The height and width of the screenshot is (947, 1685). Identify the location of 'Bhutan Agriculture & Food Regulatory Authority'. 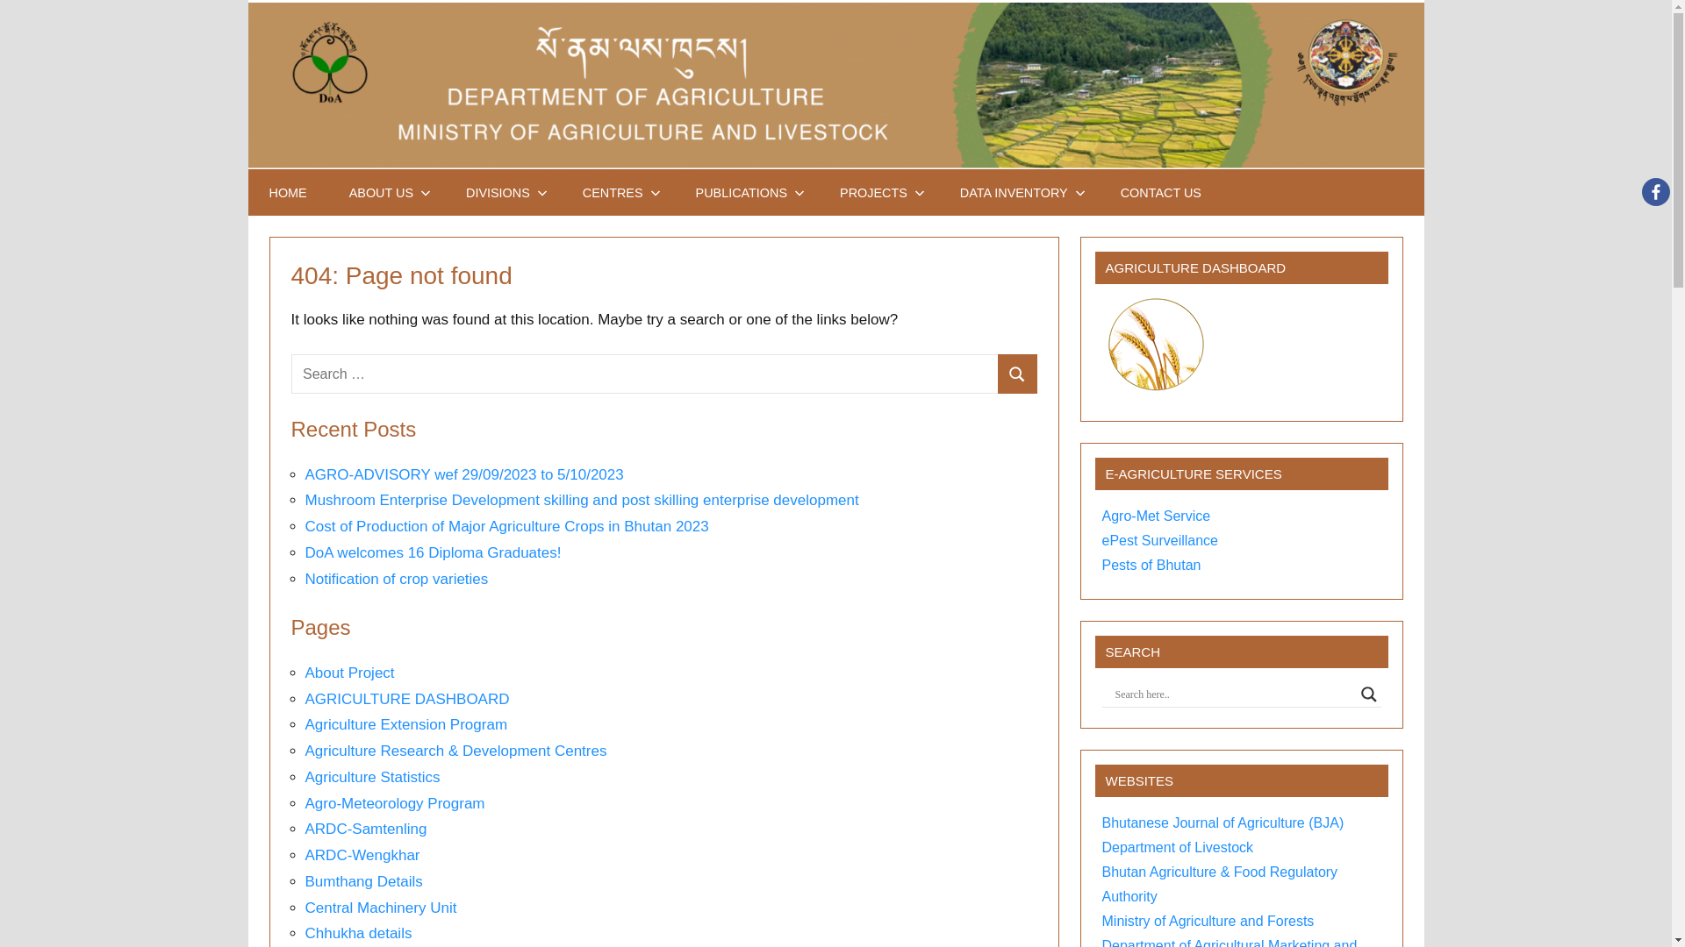
(1219, 884).